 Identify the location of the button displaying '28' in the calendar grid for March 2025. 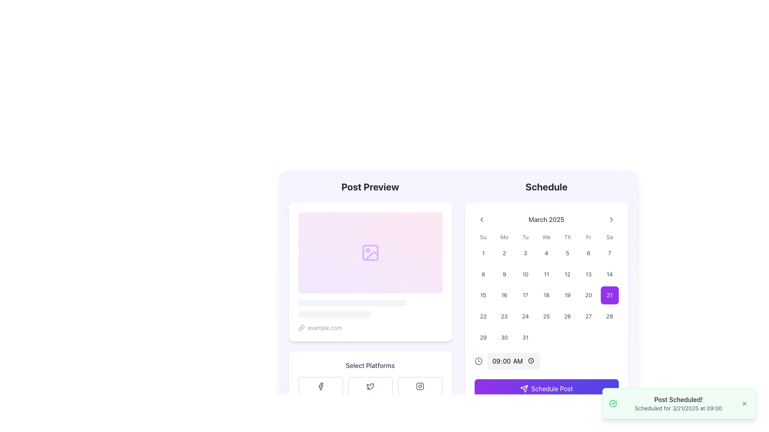
(609, 316).